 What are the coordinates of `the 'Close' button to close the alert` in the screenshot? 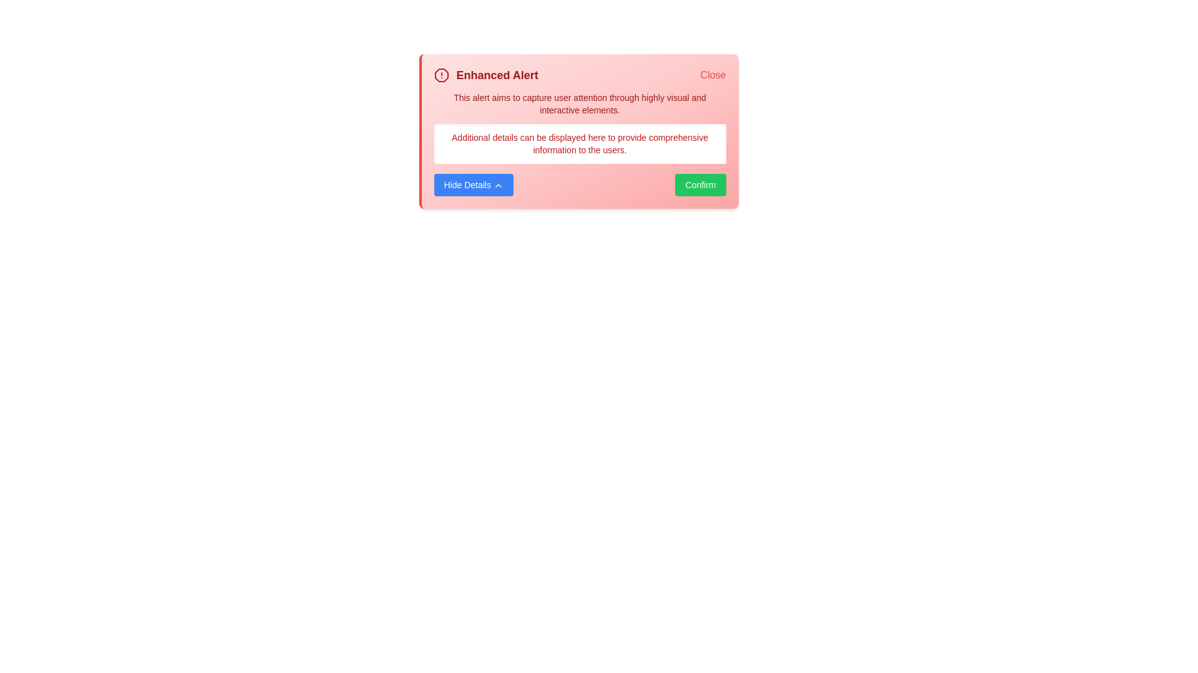 It's located at (713, 75).